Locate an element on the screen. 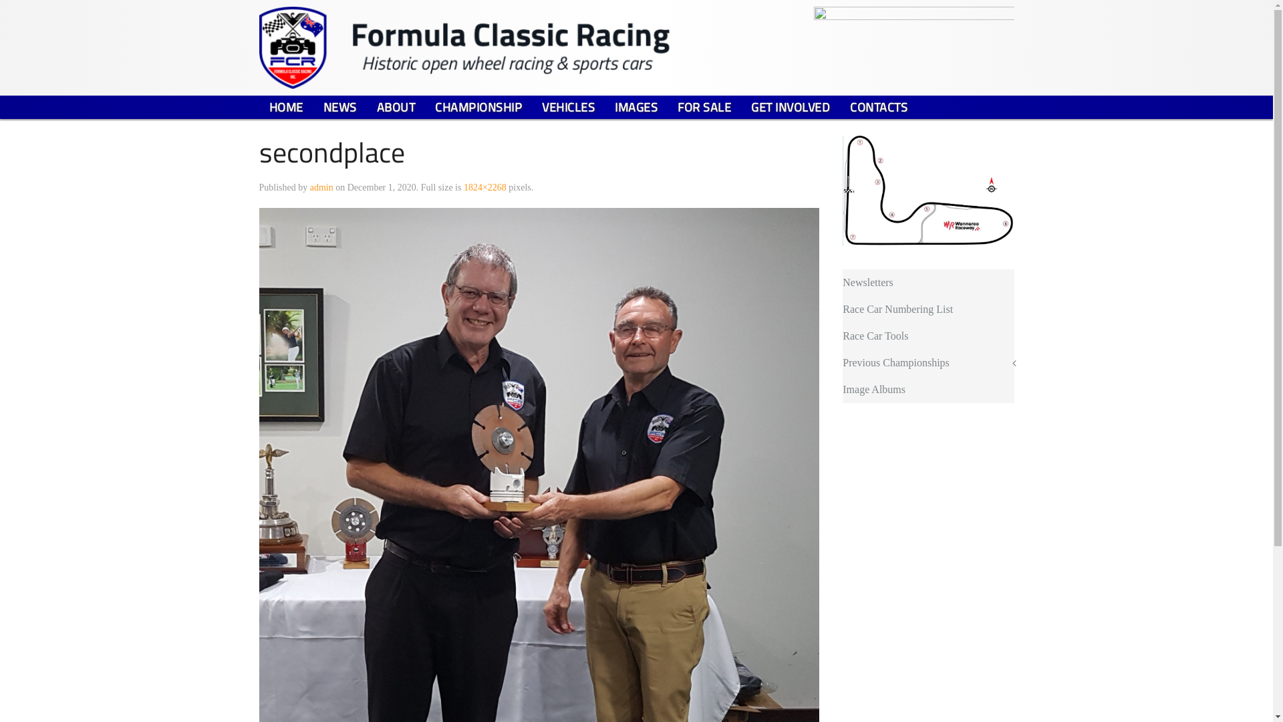 This screenshot has width=1283, height=722. 'ABOUT' is located at coordinates (394, 106).